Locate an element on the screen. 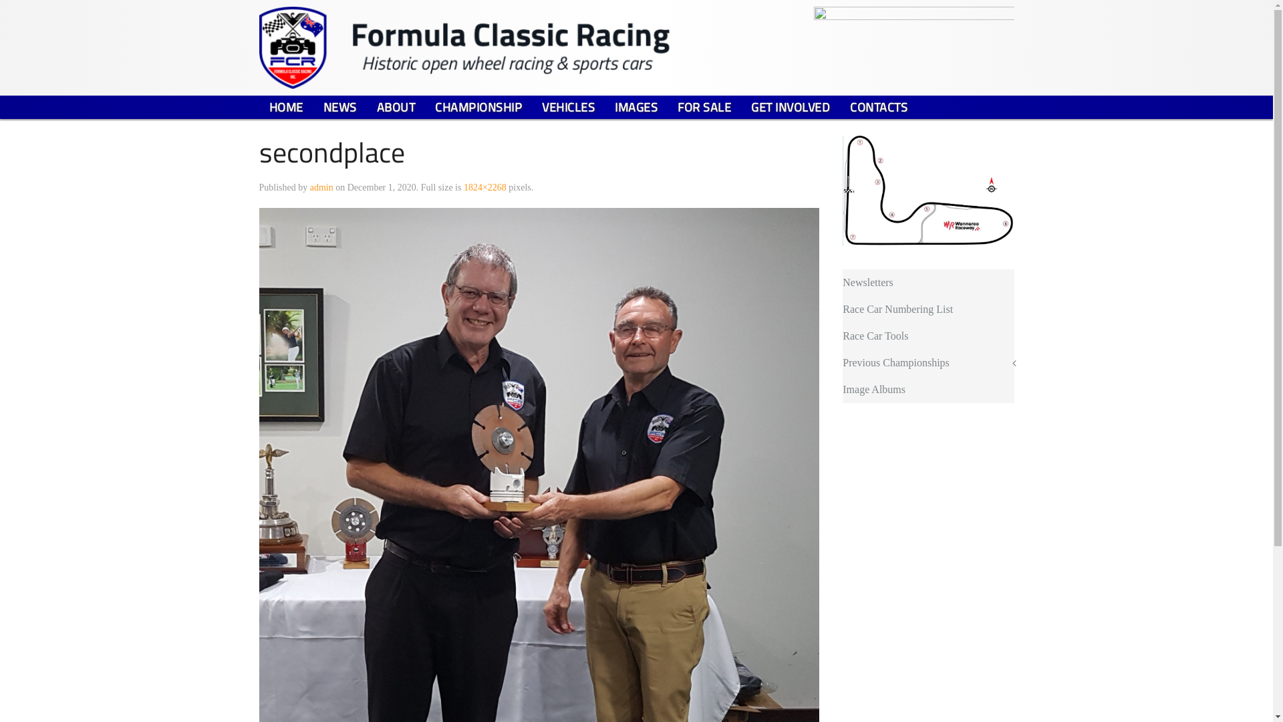 This screenshot has width=1283, height=722. 'ABOUT' is located at coordinates (394, 106).